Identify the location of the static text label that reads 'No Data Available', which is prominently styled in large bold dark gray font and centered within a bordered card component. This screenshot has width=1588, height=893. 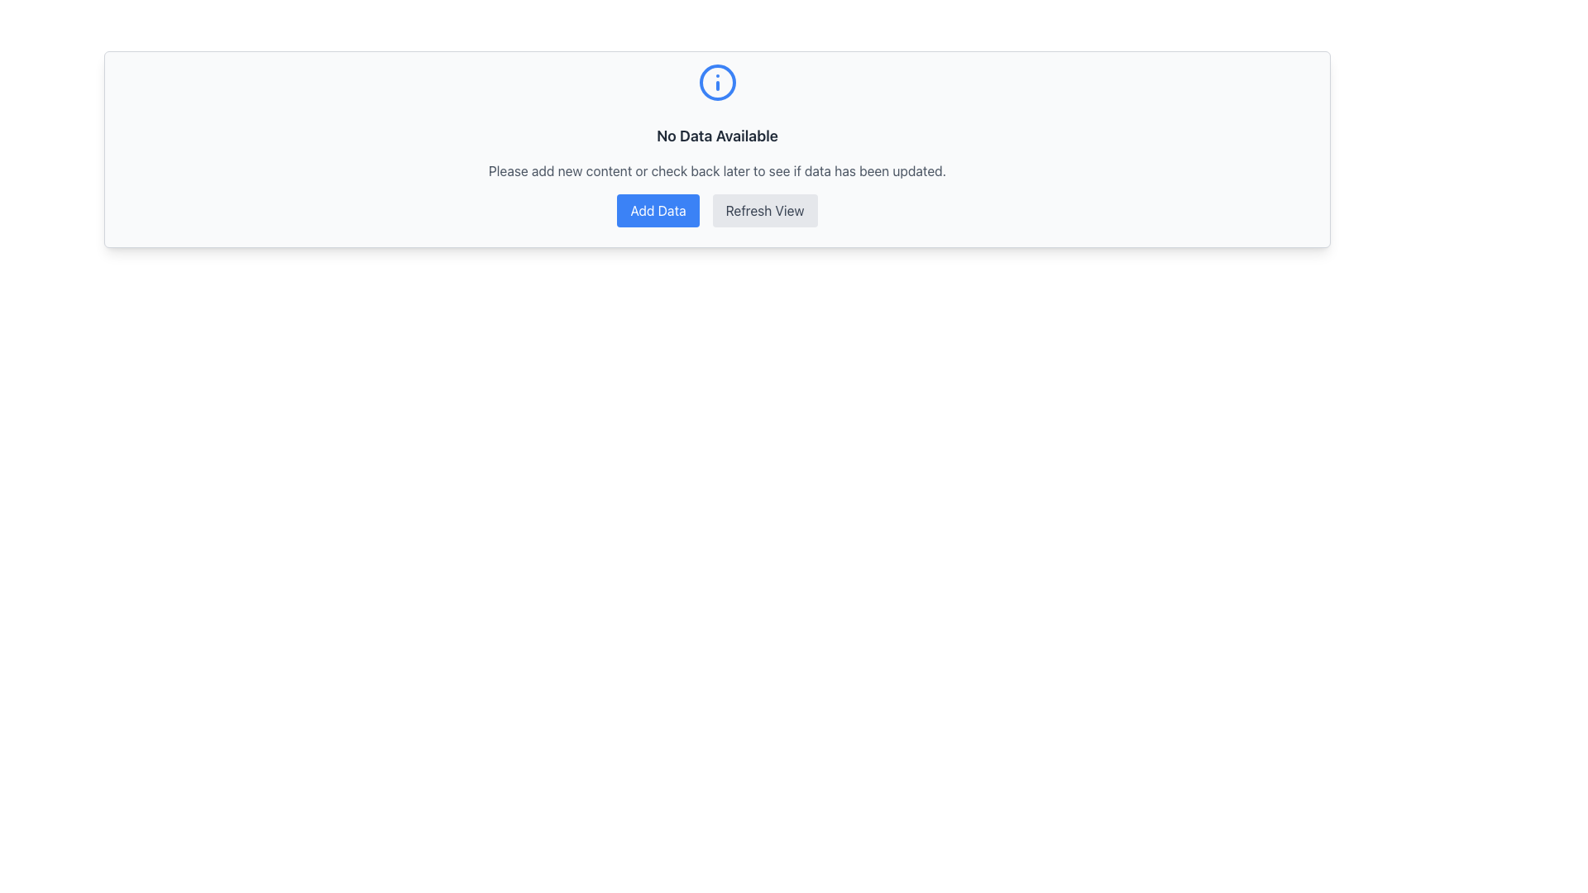
(717, 136).